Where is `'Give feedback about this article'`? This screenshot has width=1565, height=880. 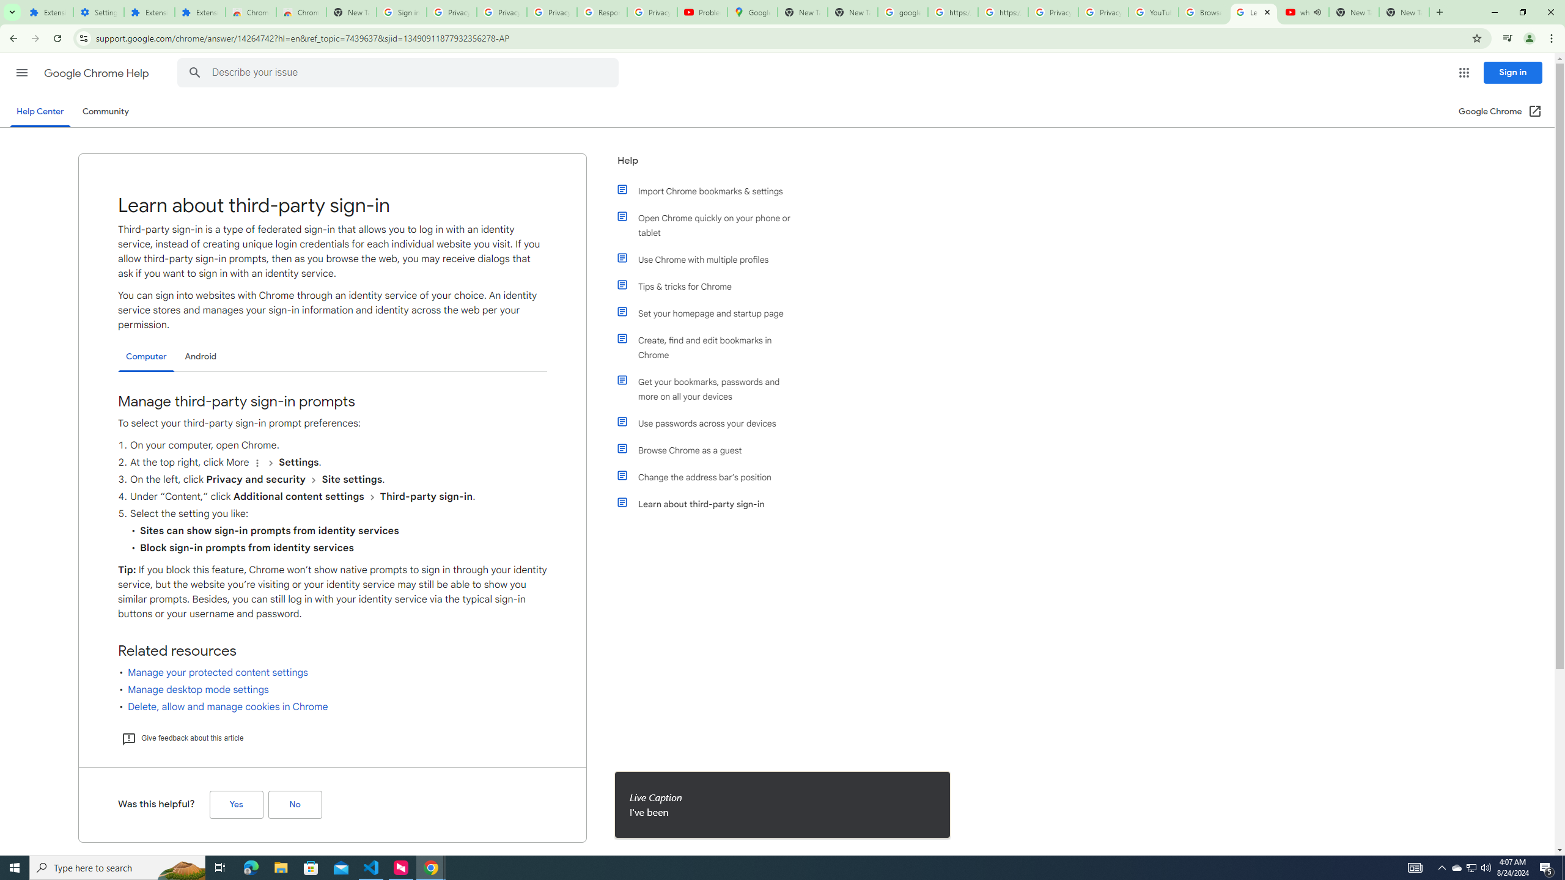 'Give feedback about this article' is located at coordinates (182, 738).